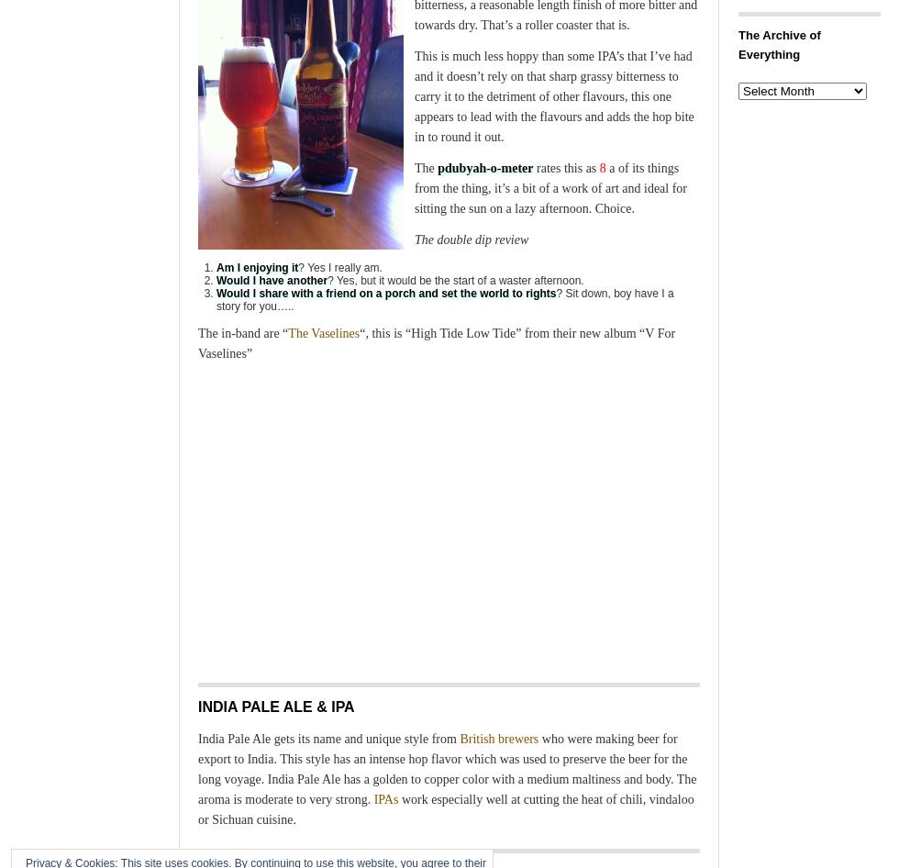 The width and height of the screenshot is (899, 868). Describe the element at coordinates (483, 168) in the screenshot. I see `'pdubyah-o-meter'` at that location.